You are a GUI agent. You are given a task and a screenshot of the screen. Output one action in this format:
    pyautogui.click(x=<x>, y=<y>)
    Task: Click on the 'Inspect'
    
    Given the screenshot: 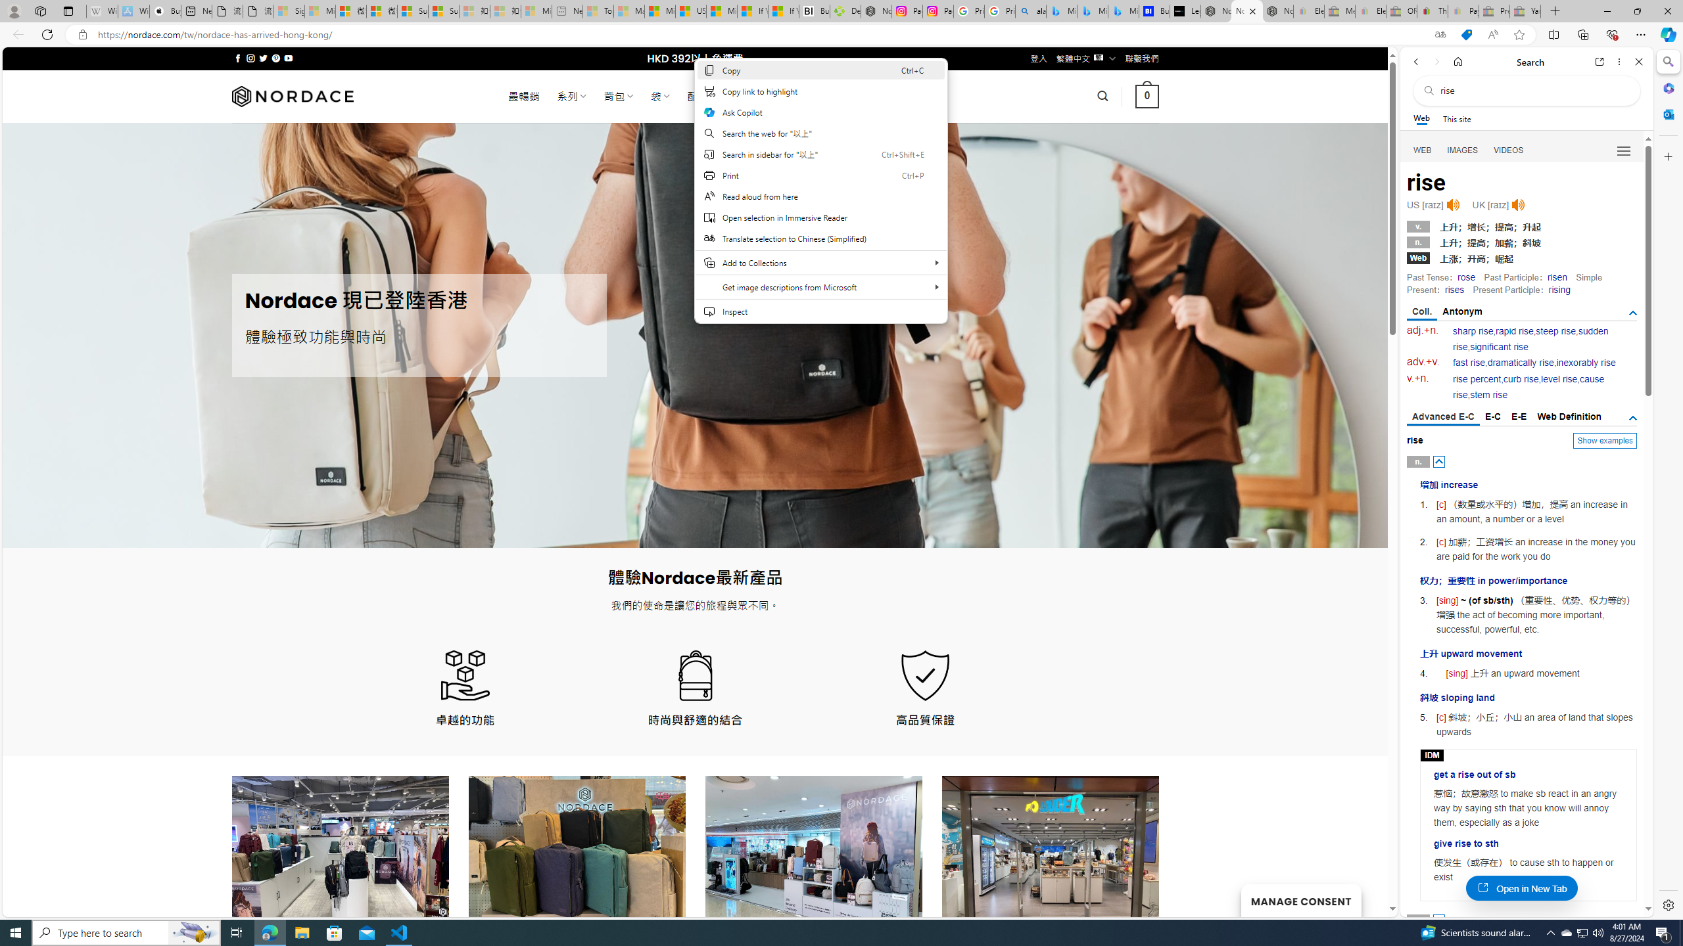 What is the action you would take?
    pyautogui.click(x=820, y=310)
    